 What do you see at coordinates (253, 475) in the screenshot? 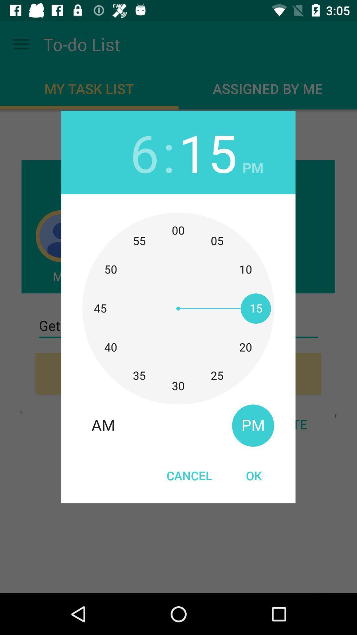
I see `the ok item` at bounding box center [253, 475].